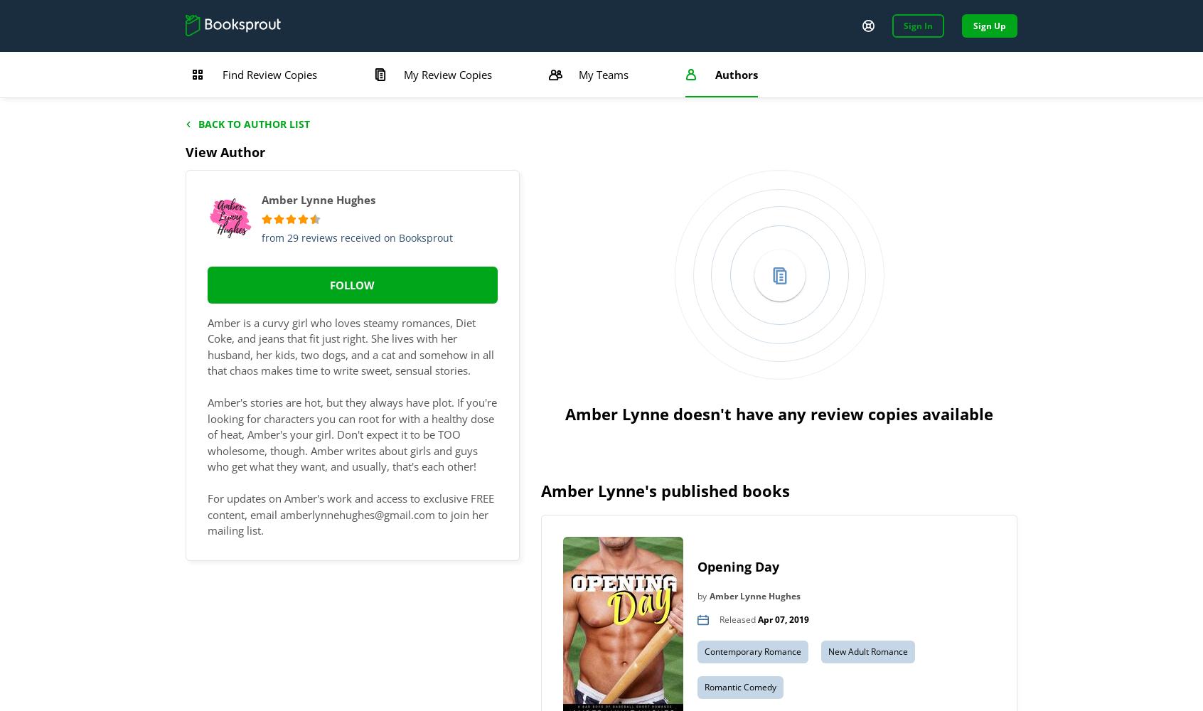 This screenshot has width=1203, height=711. What do you see at coordinates (867, 651) in the screenshot?
I see `'New Adult Romance'` at bounding box center [867, 651].